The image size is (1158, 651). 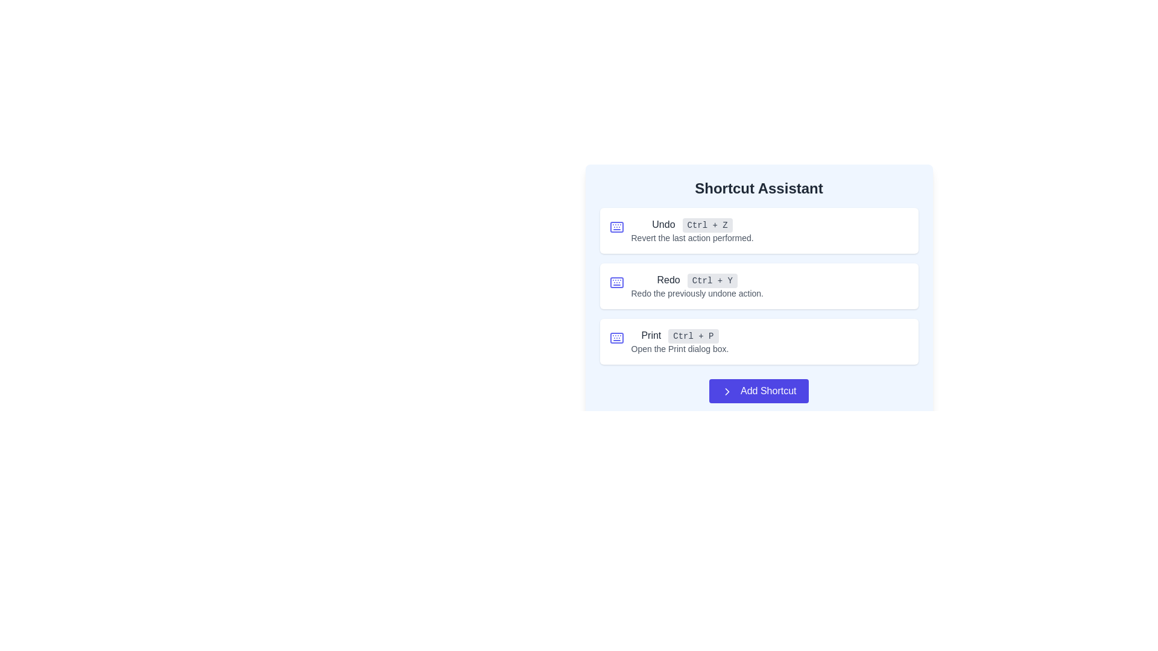 I want to click on information displayed on the Informational card representing the 'Redo' shortcut action (Ctrl + Y), which is located below the 'Undo Ctrl + Z' entry in the list of shortcut descriptions, so click(x=758, y=286).